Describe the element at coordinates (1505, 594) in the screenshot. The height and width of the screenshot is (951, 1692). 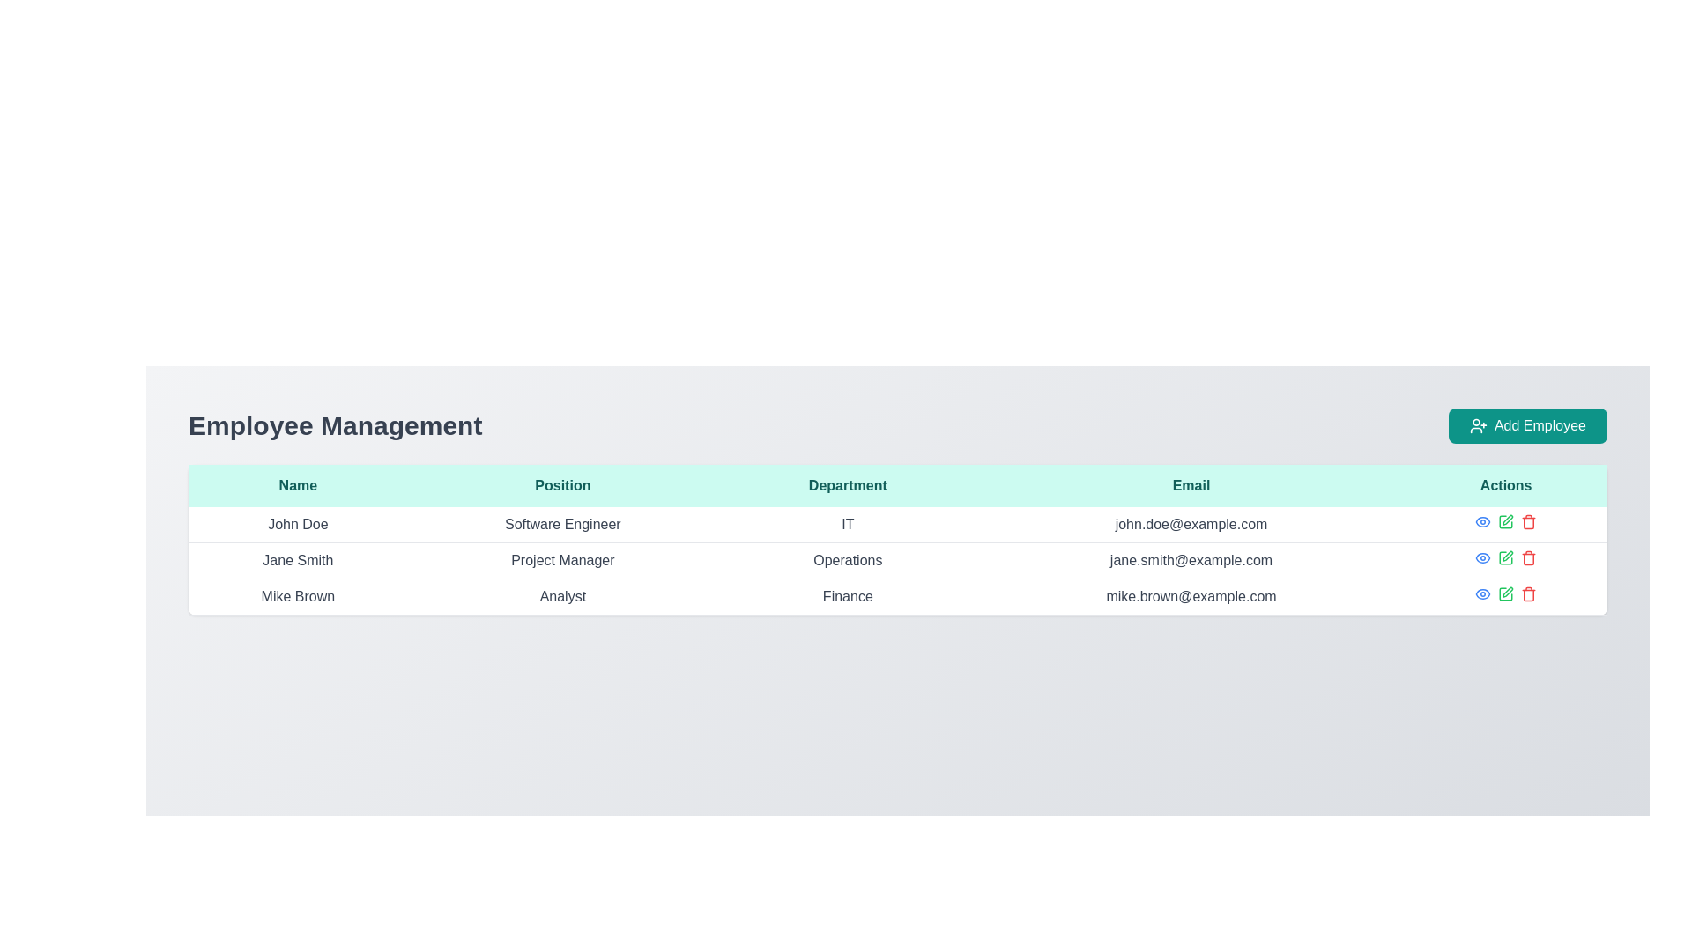
I see `the 'Edit' icon located in the last row of the table under the 'Actions' column` at that location.